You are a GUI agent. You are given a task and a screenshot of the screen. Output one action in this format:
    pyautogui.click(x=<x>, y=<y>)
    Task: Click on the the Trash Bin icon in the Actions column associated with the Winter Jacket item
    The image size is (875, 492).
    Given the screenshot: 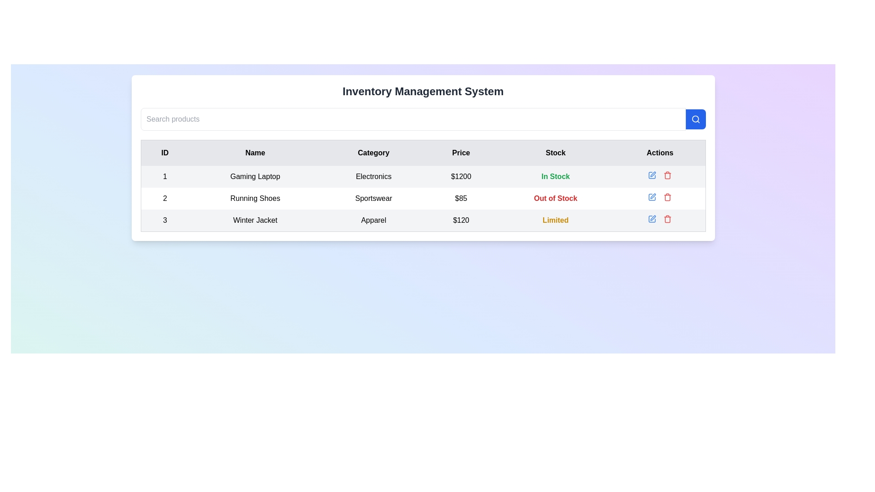 What is the action you would take?
    pyautogui.click(x=668, y=220)
    